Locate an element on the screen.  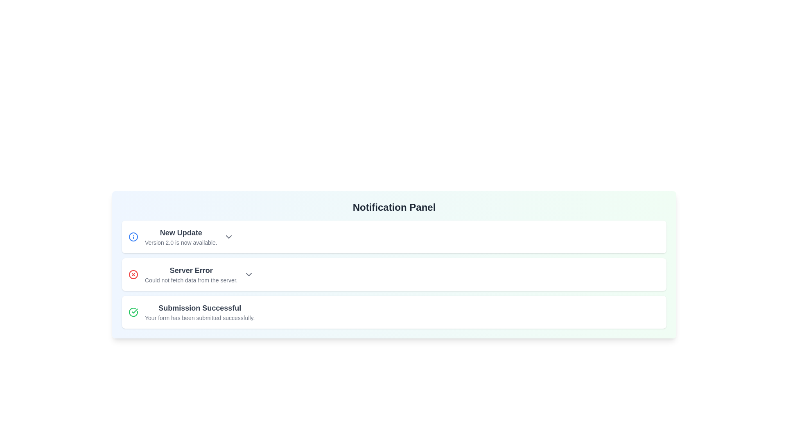
the Dropdown indicator icon located at the far-right end of the 'New Update' notification entry is located at coordinates (228, 237).